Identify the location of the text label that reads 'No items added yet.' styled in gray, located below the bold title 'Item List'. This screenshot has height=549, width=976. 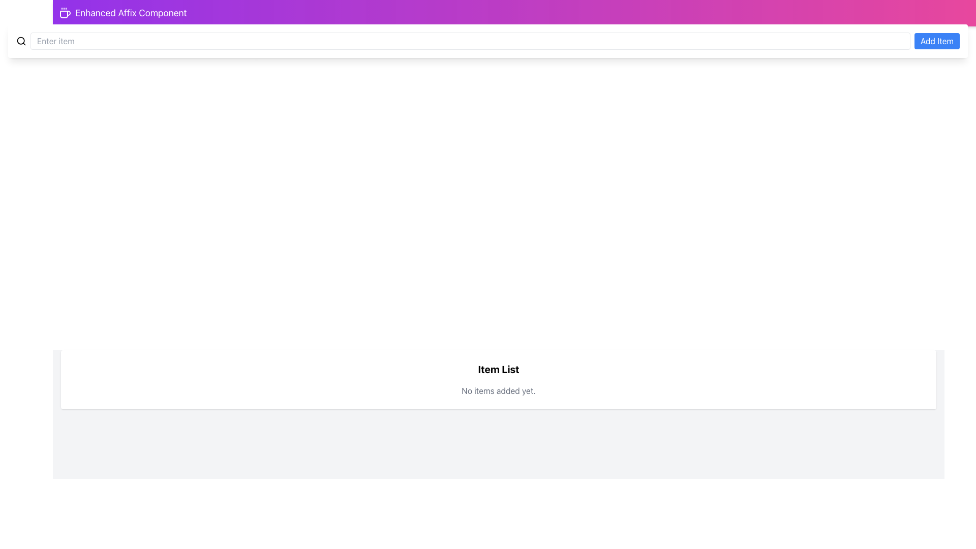
(498, 390).